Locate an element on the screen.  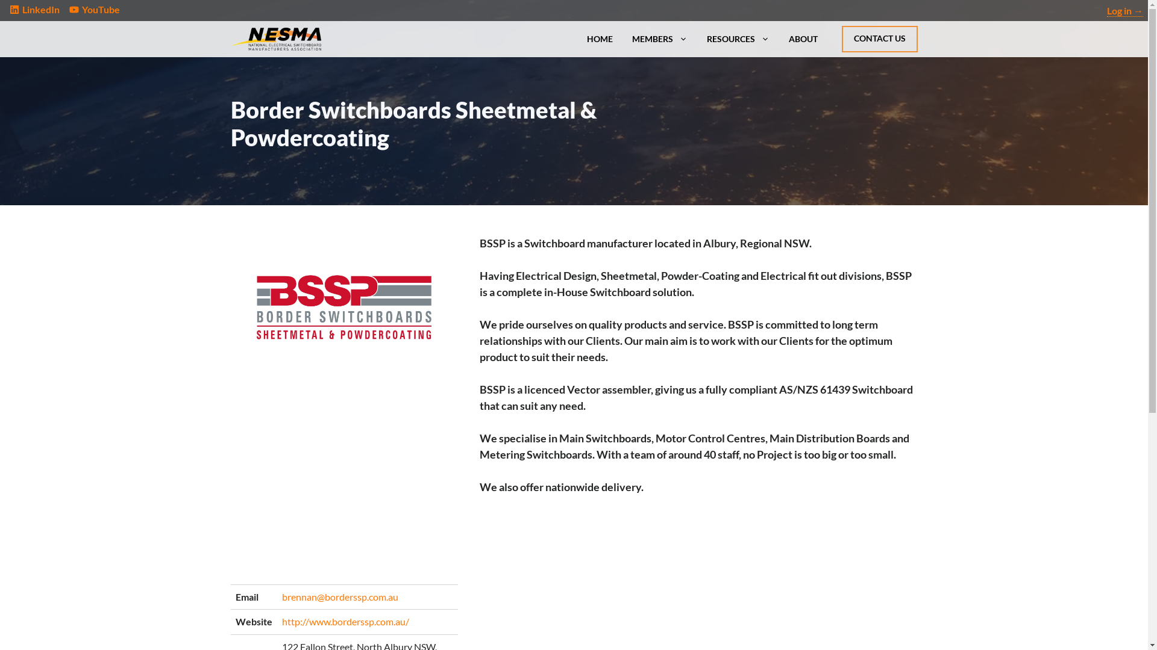
'MEMBERS' is located at coordinates (659, 39).